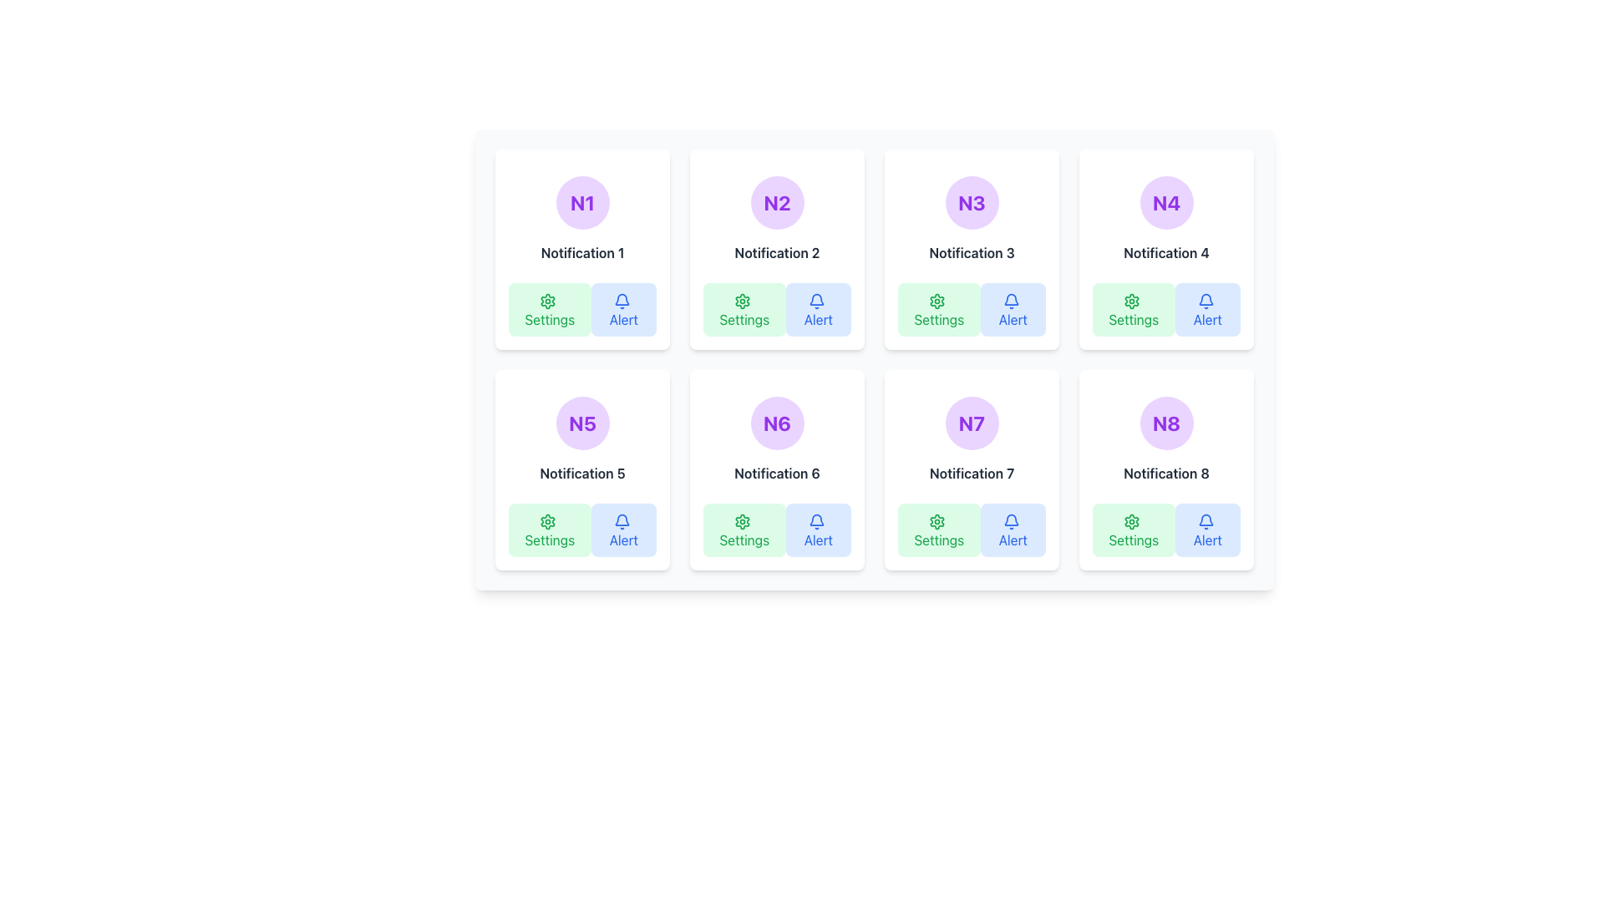  I want to click on the settings icon located in the bottom-left corner of the 'Notification 4' card, so click(1132, 301).